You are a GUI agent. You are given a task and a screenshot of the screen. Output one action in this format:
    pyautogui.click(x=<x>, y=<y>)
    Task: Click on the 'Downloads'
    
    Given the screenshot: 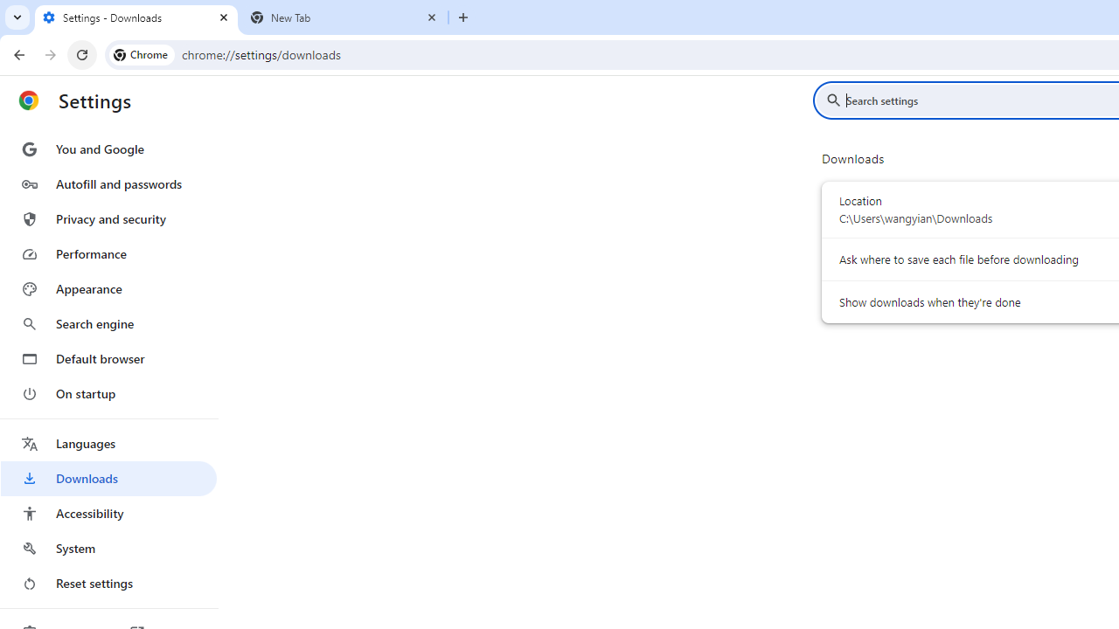 What is the action you would take?
    pyautogui.click(x=108, y=478)
    